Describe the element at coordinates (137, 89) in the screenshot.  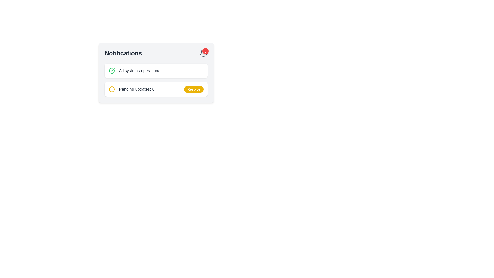
I see `the text display element that shows 'Pending updates: 8' in dark gray, located centrally in the second notification bar below 'Notifications'. It is situated to the right of a yellow warning icon and to the left of a button labeled 'Resolve'` at that location.